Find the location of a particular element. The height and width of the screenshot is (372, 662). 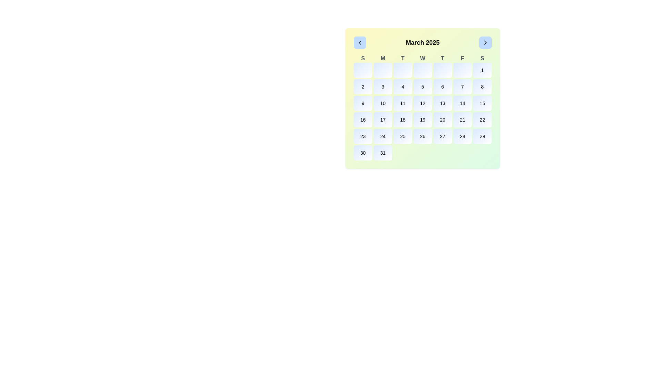

the label displaying the letter 'S', which is the seventh element in a row of days of the week in a gray sans-serif font, located near the top of the calendar component is located at coordinates (482, 58).